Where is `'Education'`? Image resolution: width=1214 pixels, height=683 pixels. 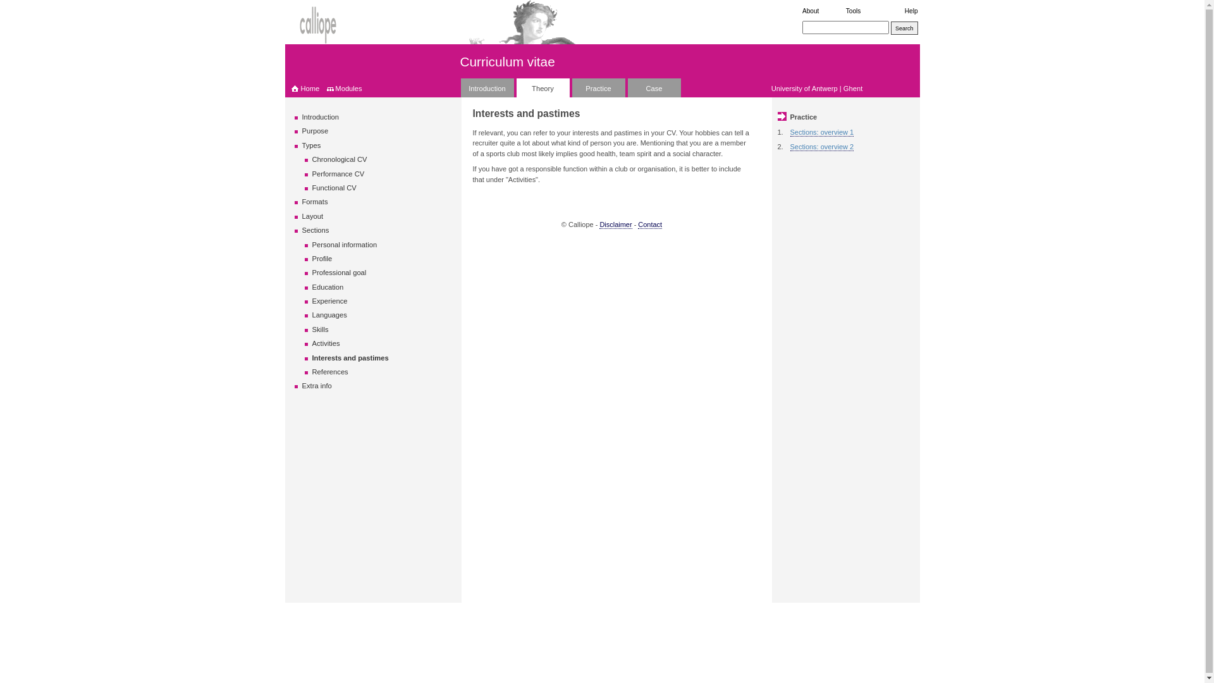 'Education' is located at coordinates (312, 287).